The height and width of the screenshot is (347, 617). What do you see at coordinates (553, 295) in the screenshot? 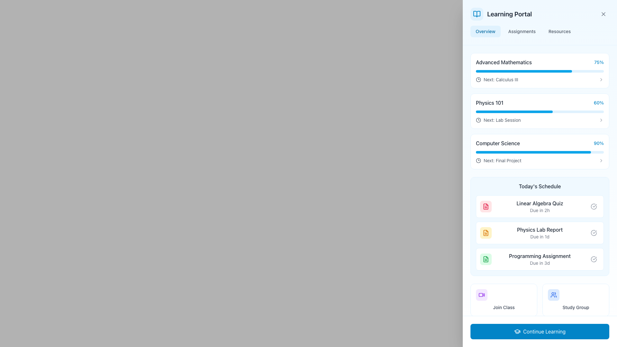
I see `the 'Study Group' icon located at the bottom right of the 'Today's Schedule' panel` at bounding box center [553, 295].